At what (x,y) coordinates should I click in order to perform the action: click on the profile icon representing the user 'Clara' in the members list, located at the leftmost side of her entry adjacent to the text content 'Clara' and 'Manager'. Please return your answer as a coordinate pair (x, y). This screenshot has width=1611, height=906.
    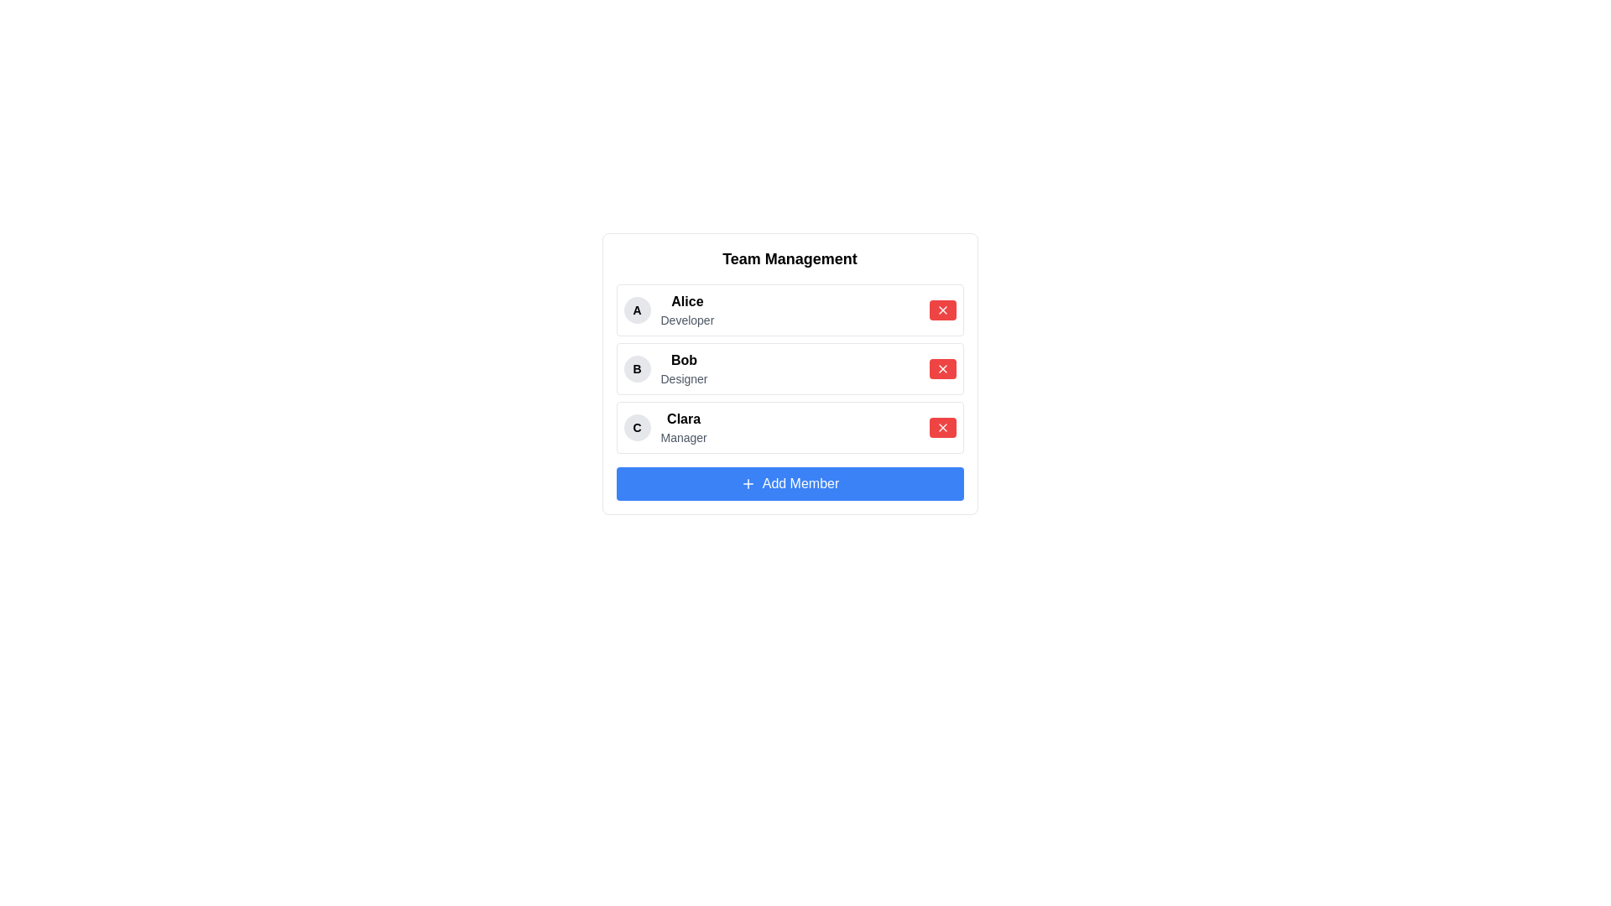
    Looking at the image, I should click on (636, 426).